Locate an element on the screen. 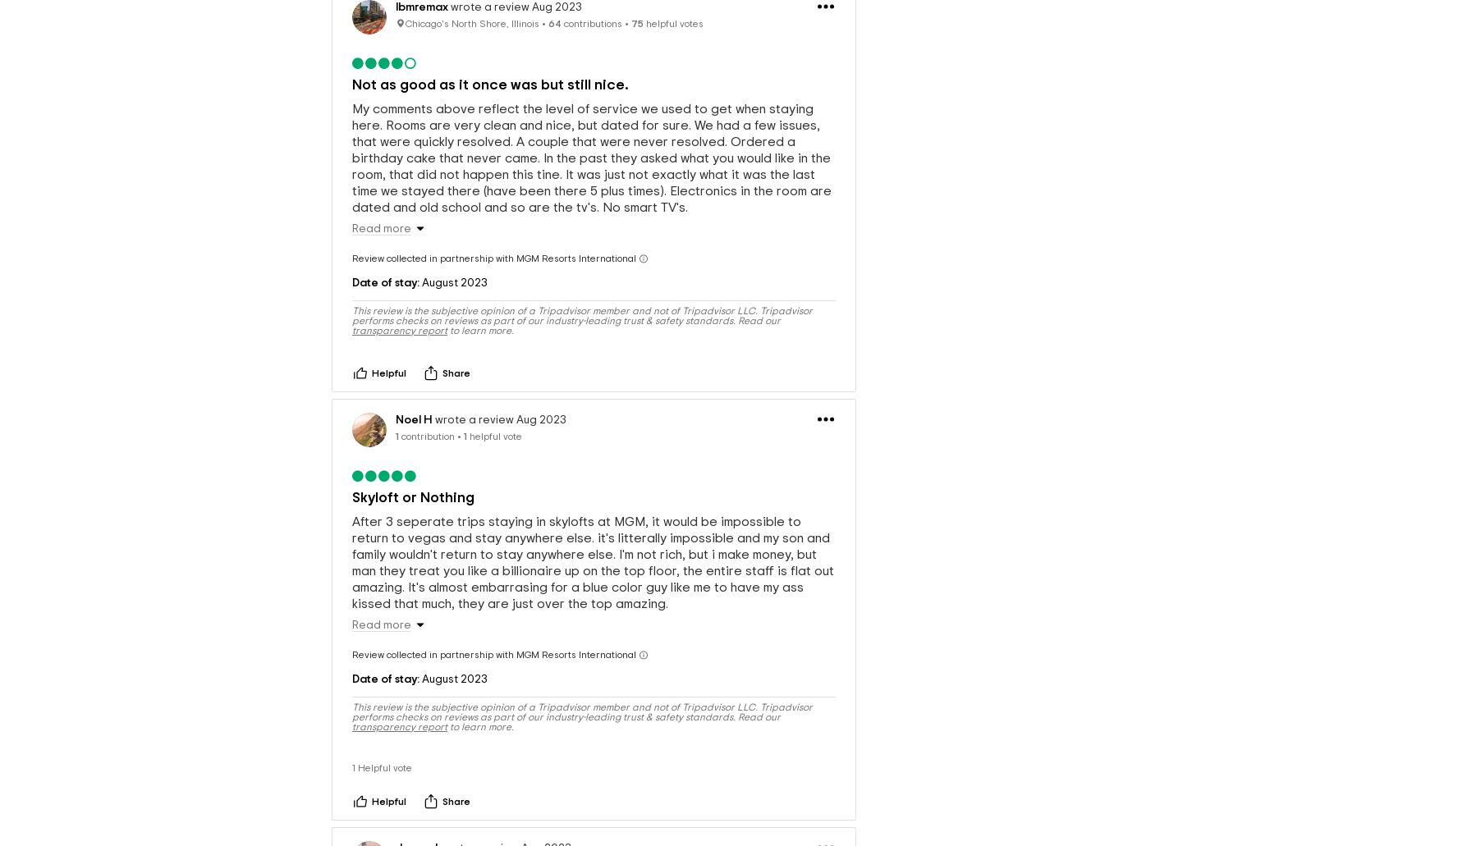 The image size is (1458, 846). 'Not as good as it once was but still nice.' is located at coordinates (489, 58).